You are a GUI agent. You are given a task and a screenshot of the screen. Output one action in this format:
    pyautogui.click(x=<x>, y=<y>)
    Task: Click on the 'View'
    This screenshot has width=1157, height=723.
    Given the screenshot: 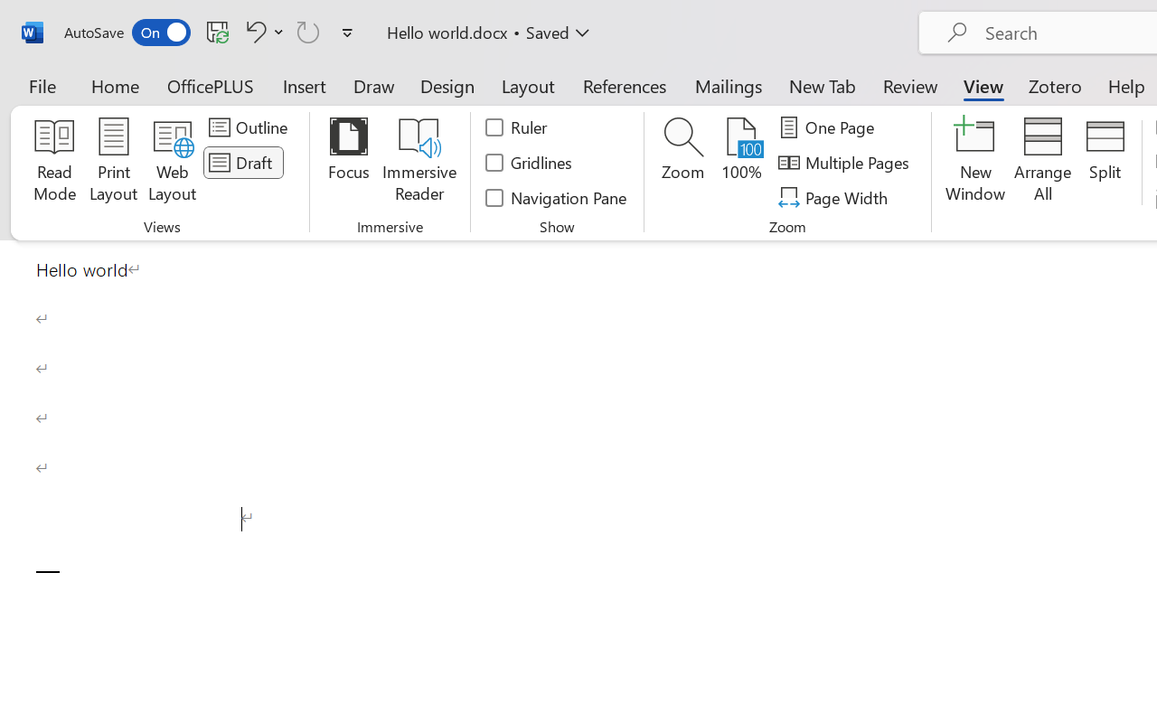 What is the action you would take?
    pyautogui.click(x=983, y=85)
    